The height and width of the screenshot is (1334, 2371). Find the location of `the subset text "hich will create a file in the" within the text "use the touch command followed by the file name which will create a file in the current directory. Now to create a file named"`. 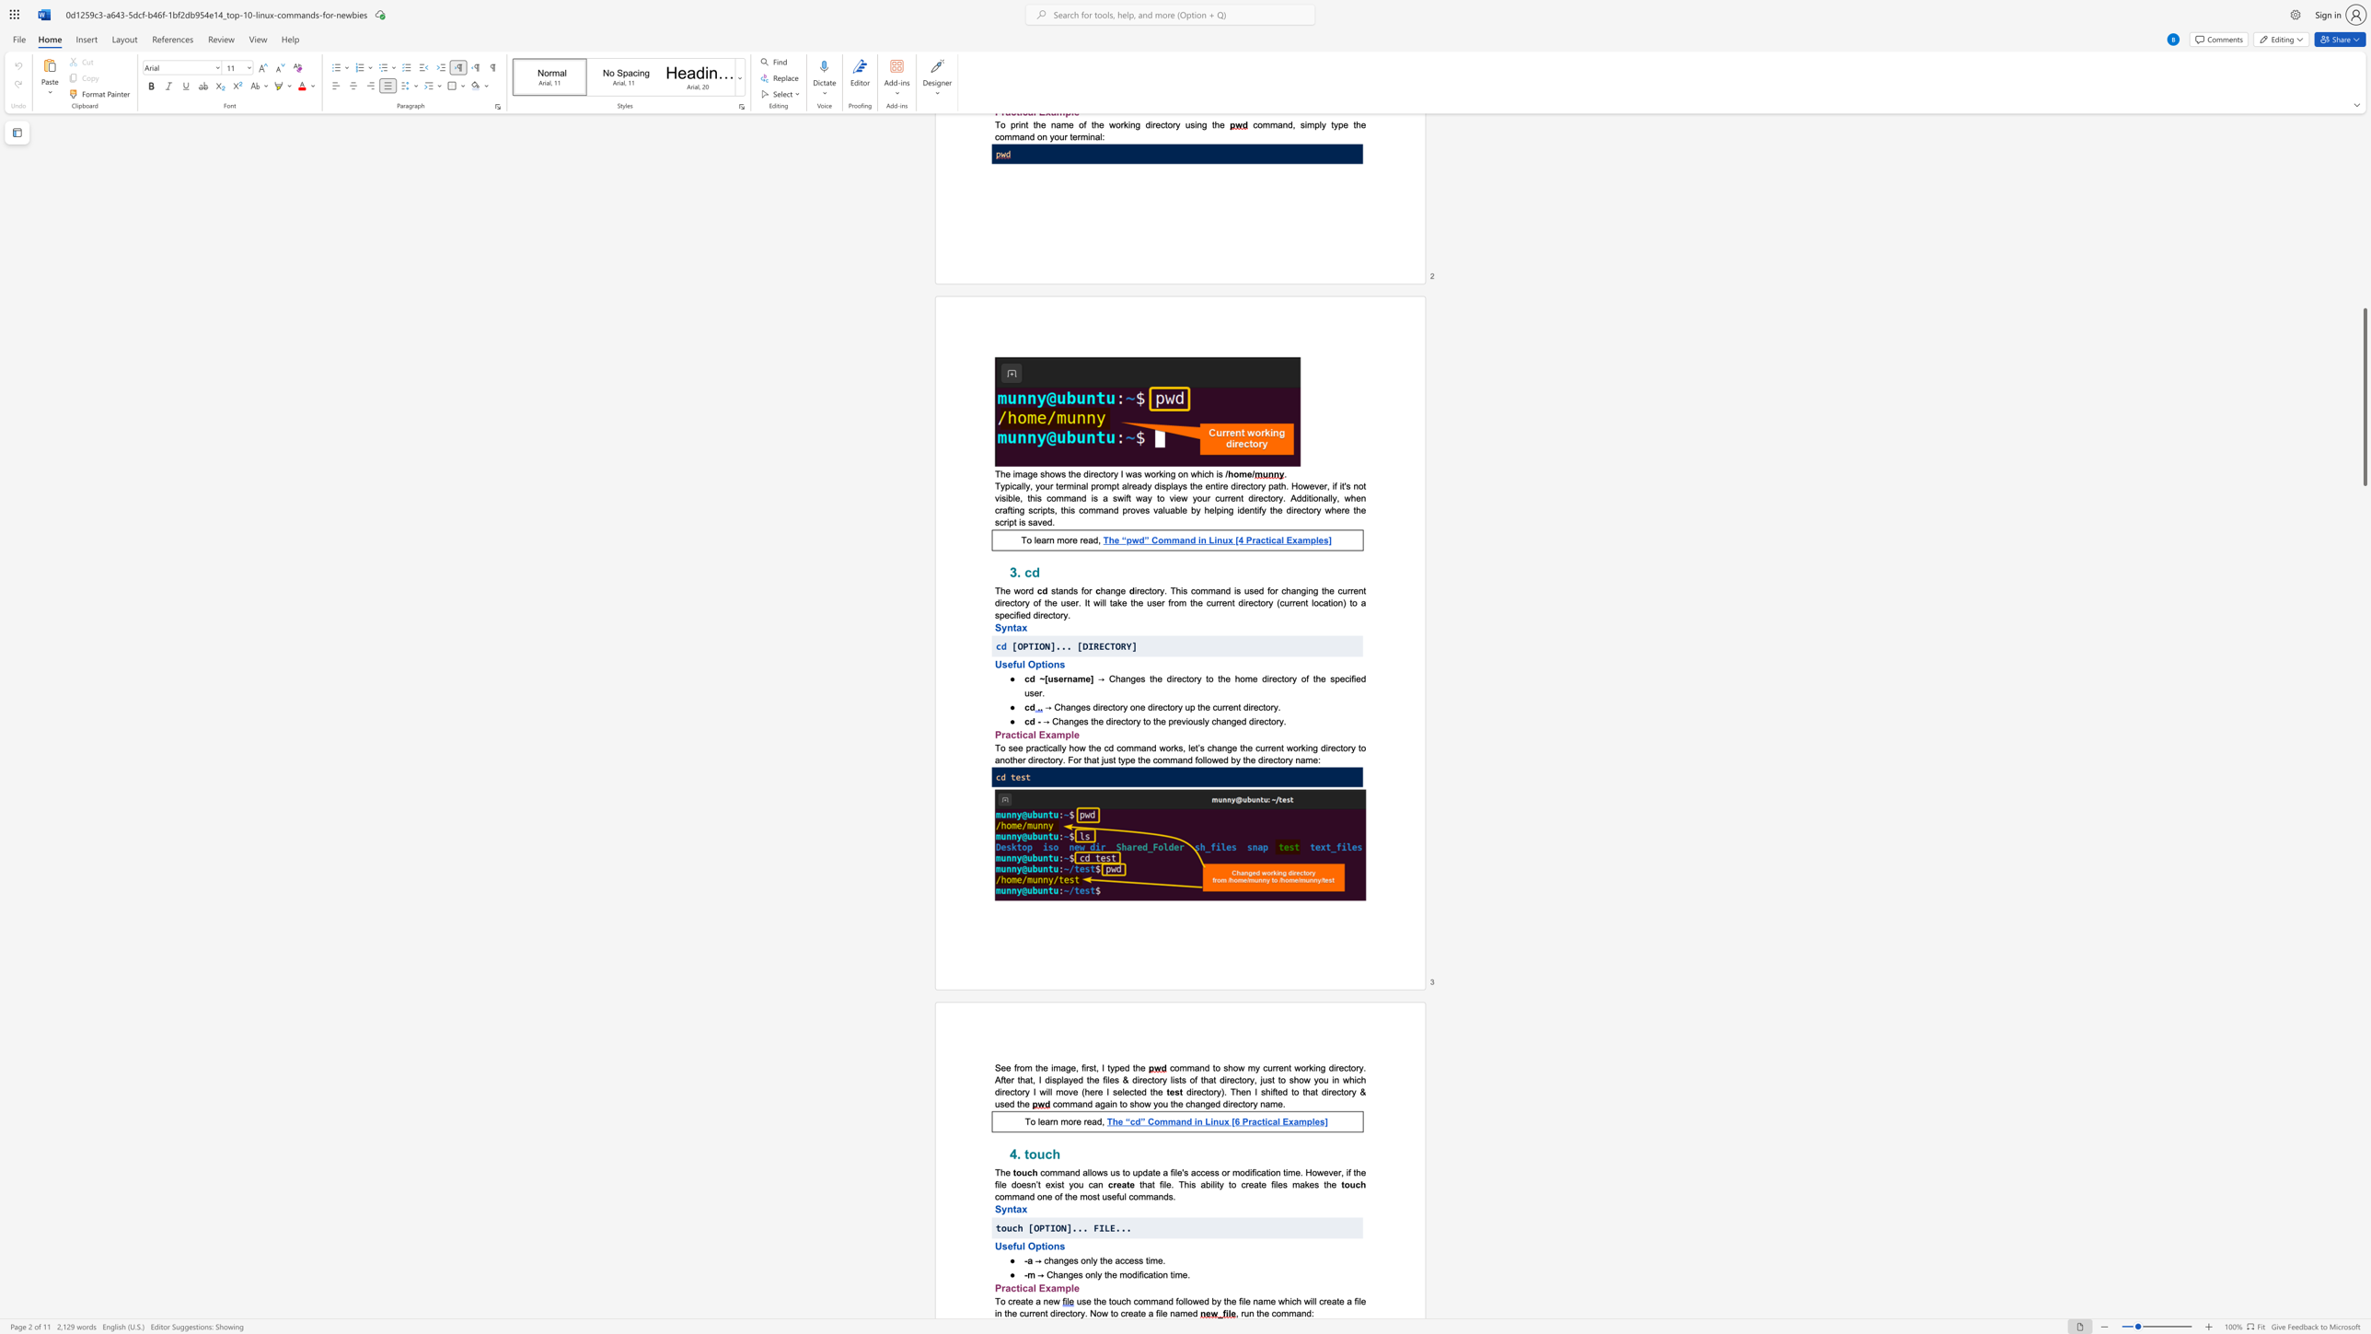

the subset text "hich will create a file in the" within the text "use the touch command followed by the file name which will create a file in the current directory. Now to create a file named" is located at coordinates (1284, 1300).